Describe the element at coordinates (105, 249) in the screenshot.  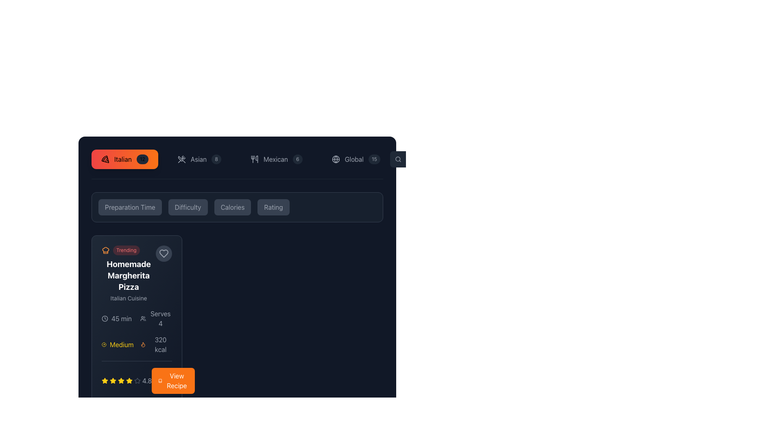
I see `the chef's hat icon in the navigation bar` at that location.